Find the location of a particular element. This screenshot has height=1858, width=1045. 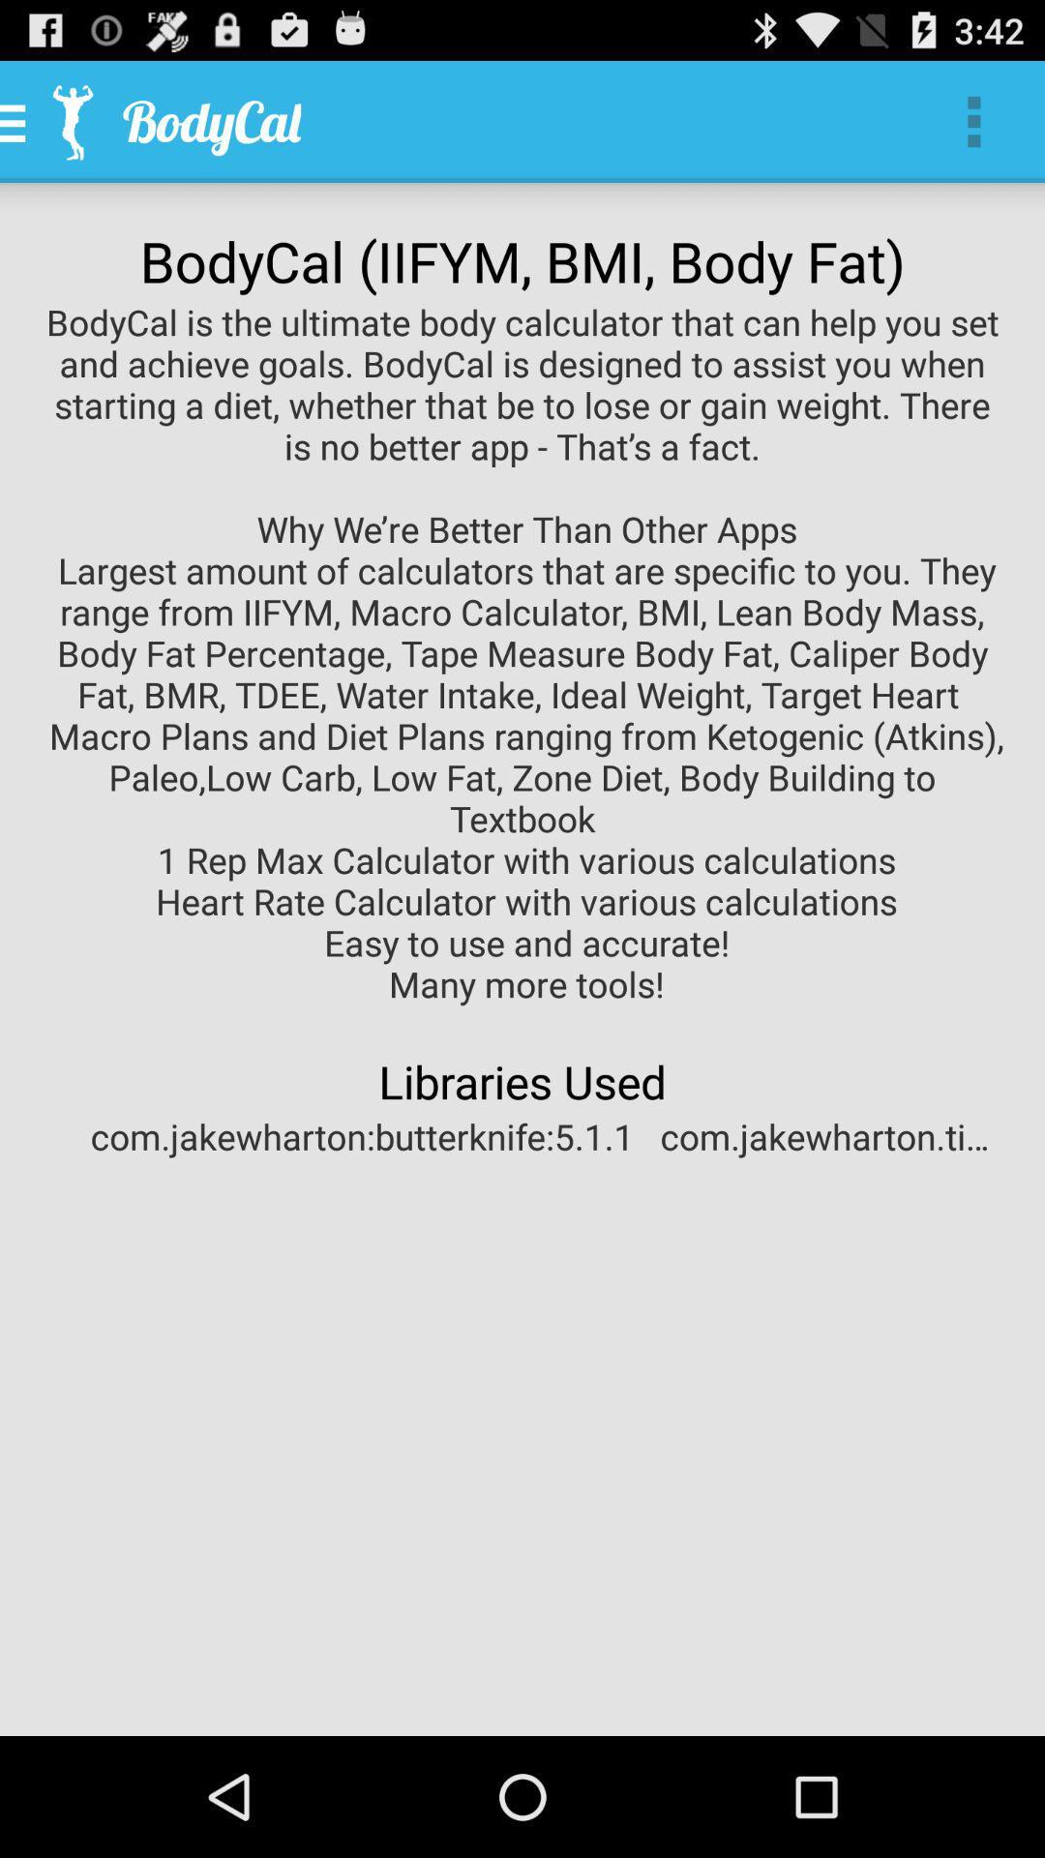

icon at the top right corner is located at coordinates (973, 120).